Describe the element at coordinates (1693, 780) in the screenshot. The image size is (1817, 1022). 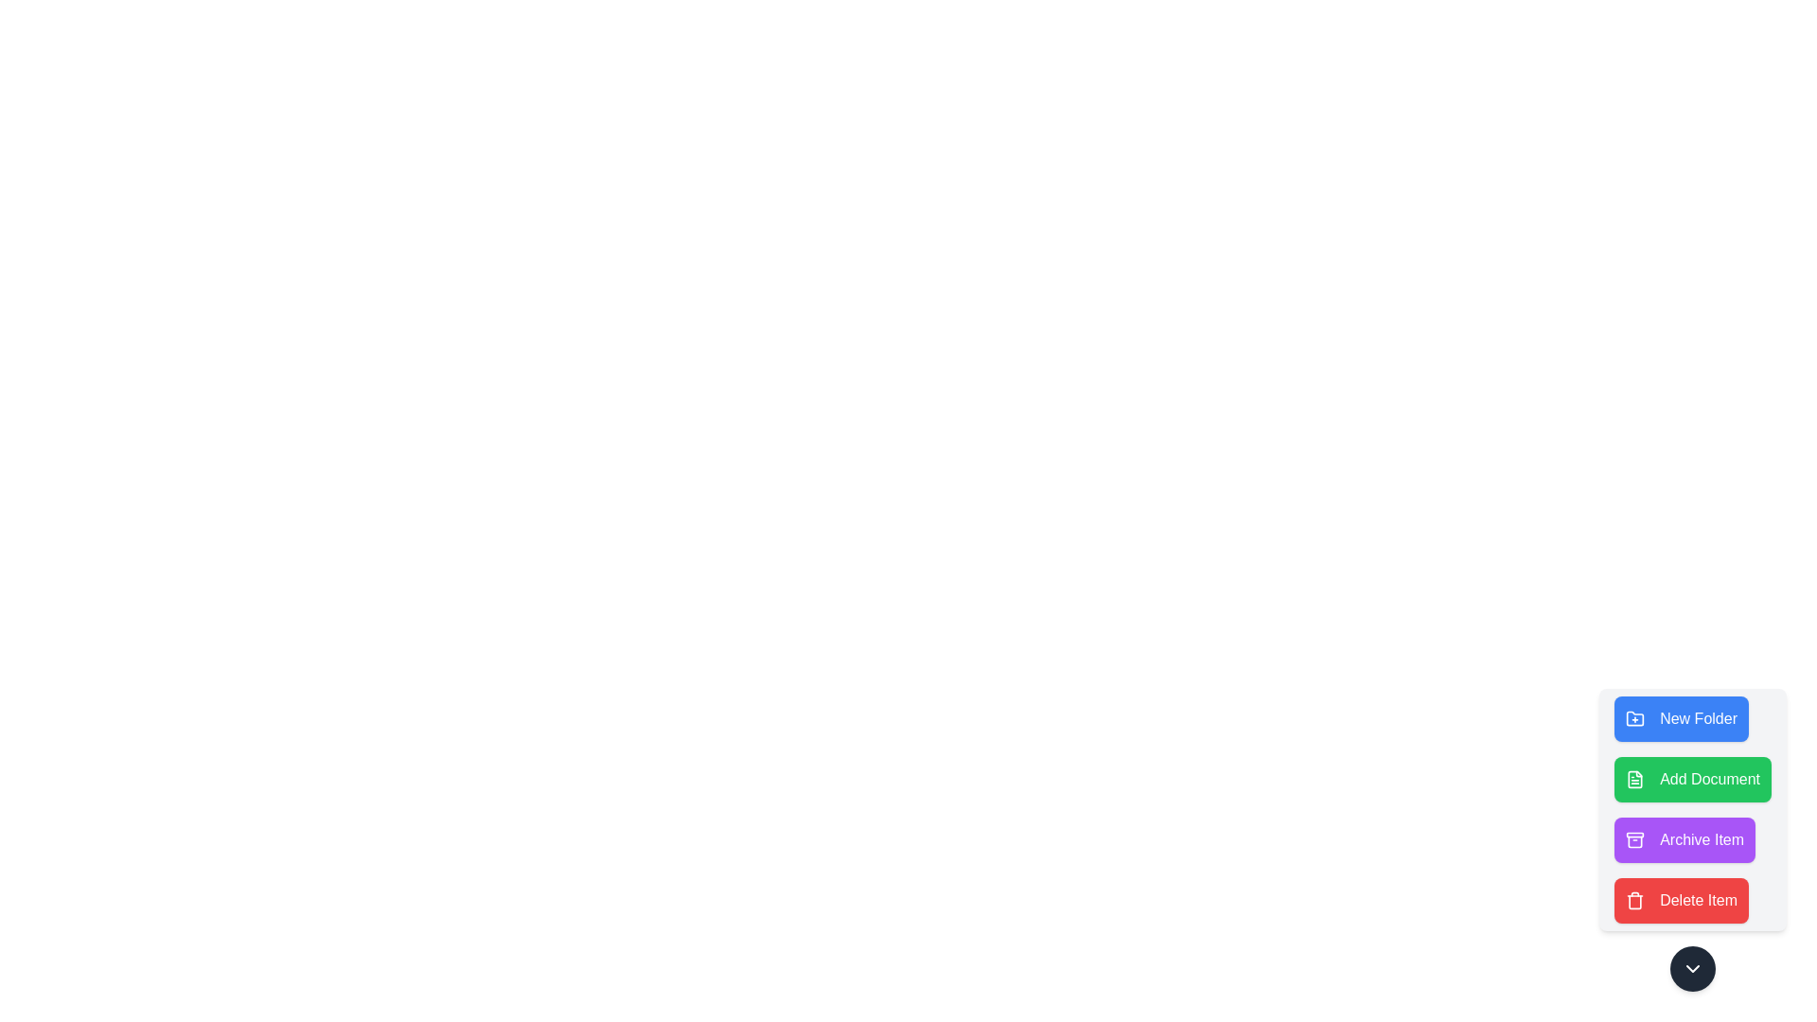
I see `the Add Document button in the speed dial menu` at that location.